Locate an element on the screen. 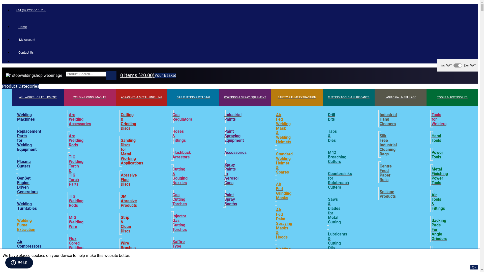 The height and width of the screenshot is (272, 484). 'Paint Spraying Equipment' is located at coordinates (234, 136).